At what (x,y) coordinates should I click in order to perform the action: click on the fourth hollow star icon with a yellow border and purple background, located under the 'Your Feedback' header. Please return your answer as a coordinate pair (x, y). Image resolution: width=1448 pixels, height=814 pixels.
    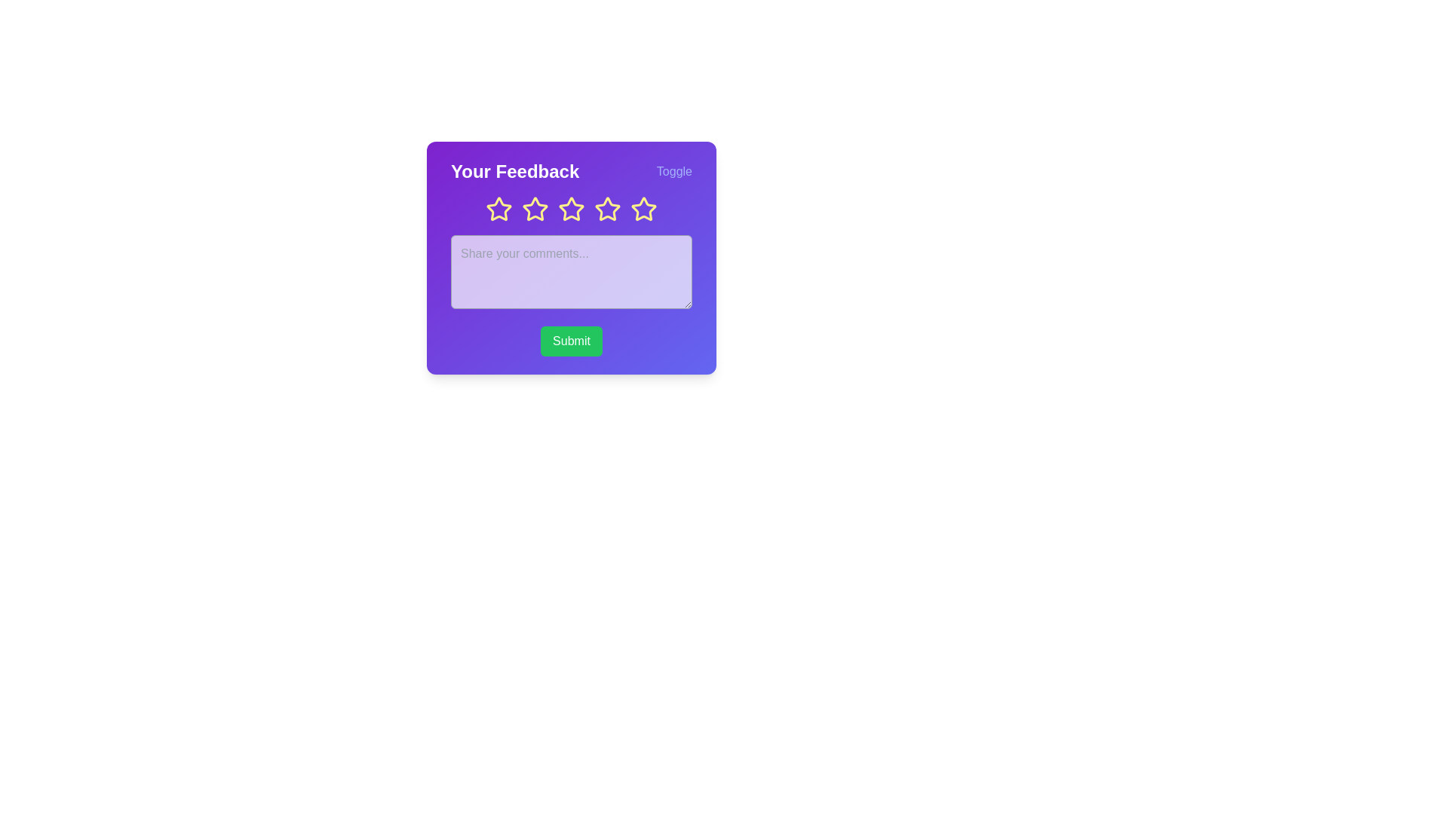
    Looking at the image, I should click on (571, 209).